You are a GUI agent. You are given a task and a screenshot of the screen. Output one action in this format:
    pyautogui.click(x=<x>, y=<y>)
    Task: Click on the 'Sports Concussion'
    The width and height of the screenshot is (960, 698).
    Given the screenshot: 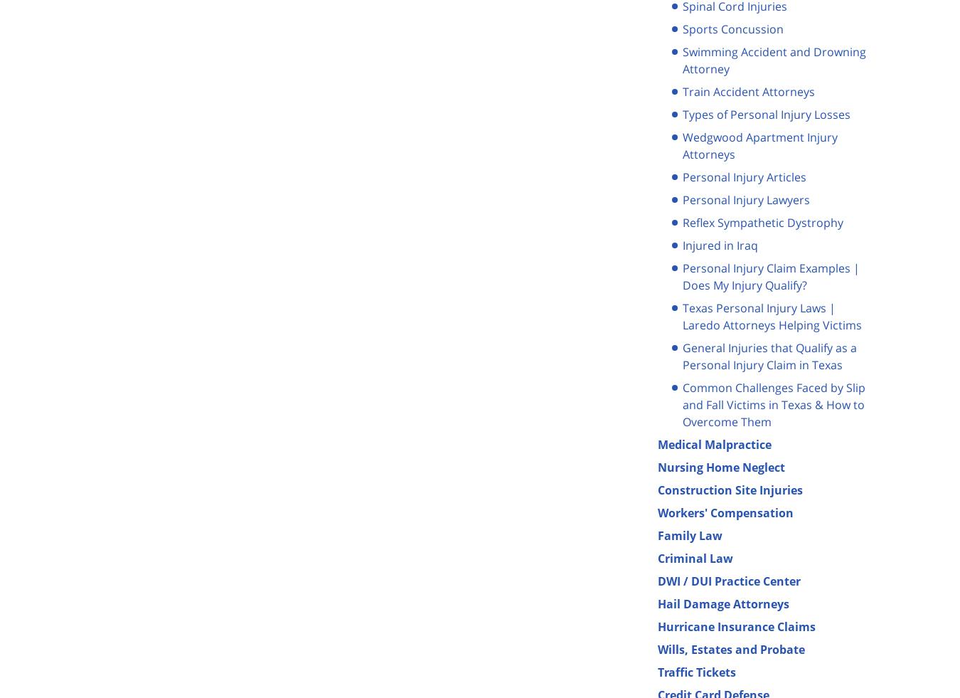 What is the action you would take?
    pyautogui.click(x=732, y=28)
    